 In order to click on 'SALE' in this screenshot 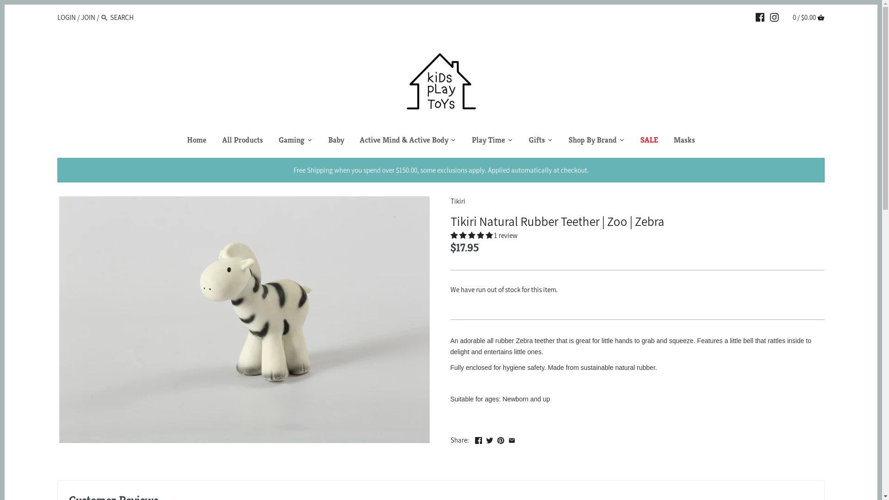, I will do `click(648, 141)`.